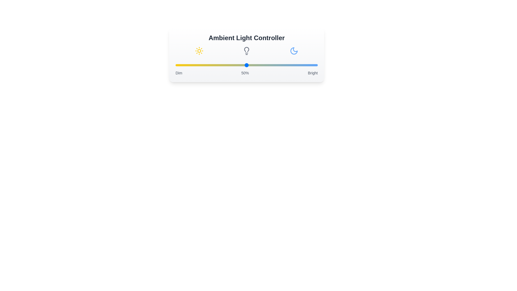 Image resolution: width=517 pixels, height=291 pixels. What do you see at coordinates (294, 51) in the screenshot?
I see `the Moon icon to interact with it` at bounding box center [294, 51].